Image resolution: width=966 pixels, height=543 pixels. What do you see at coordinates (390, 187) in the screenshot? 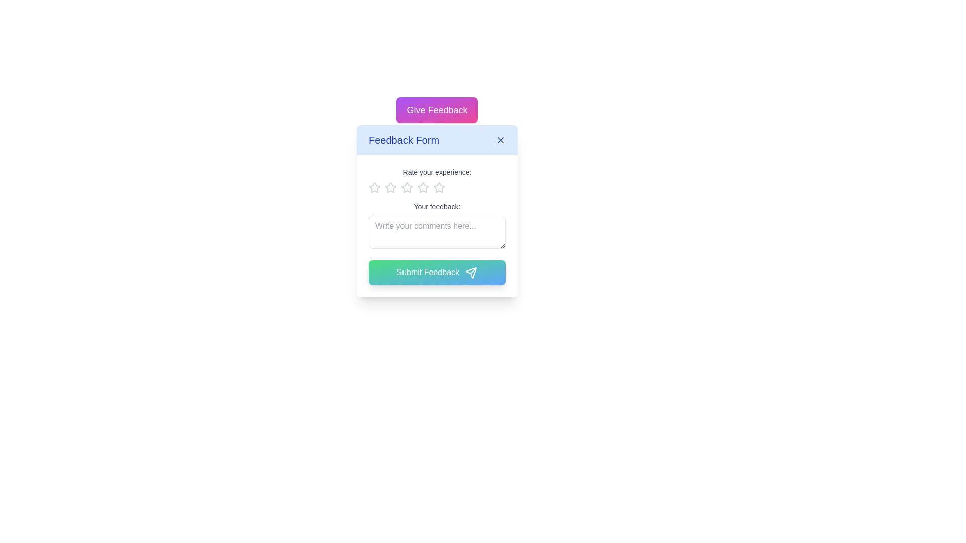
I see `the first star-shaped icon` at bounding box center [390, 187].